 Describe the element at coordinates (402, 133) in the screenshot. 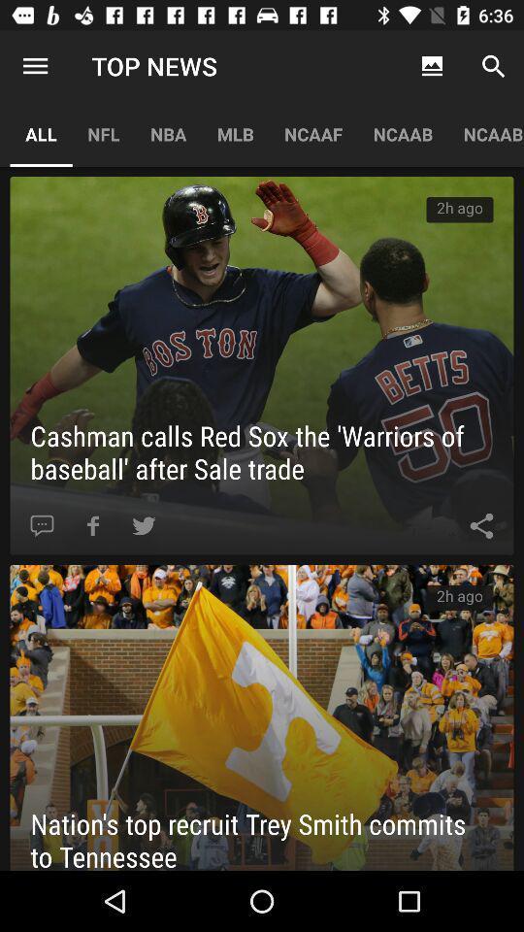

I see `the icon to the right of ncaaf app` at that location.